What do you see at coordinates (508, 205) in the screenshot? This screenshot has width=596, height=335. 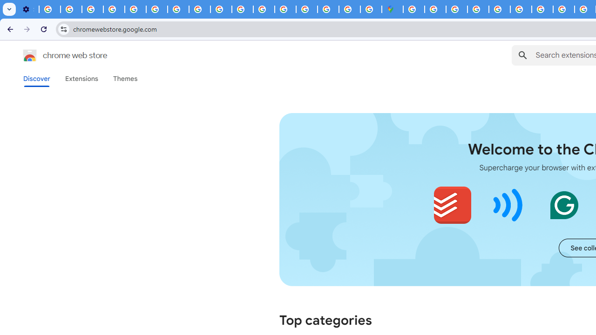 I see `'Volume Master'` at bounding box center [508, 205].